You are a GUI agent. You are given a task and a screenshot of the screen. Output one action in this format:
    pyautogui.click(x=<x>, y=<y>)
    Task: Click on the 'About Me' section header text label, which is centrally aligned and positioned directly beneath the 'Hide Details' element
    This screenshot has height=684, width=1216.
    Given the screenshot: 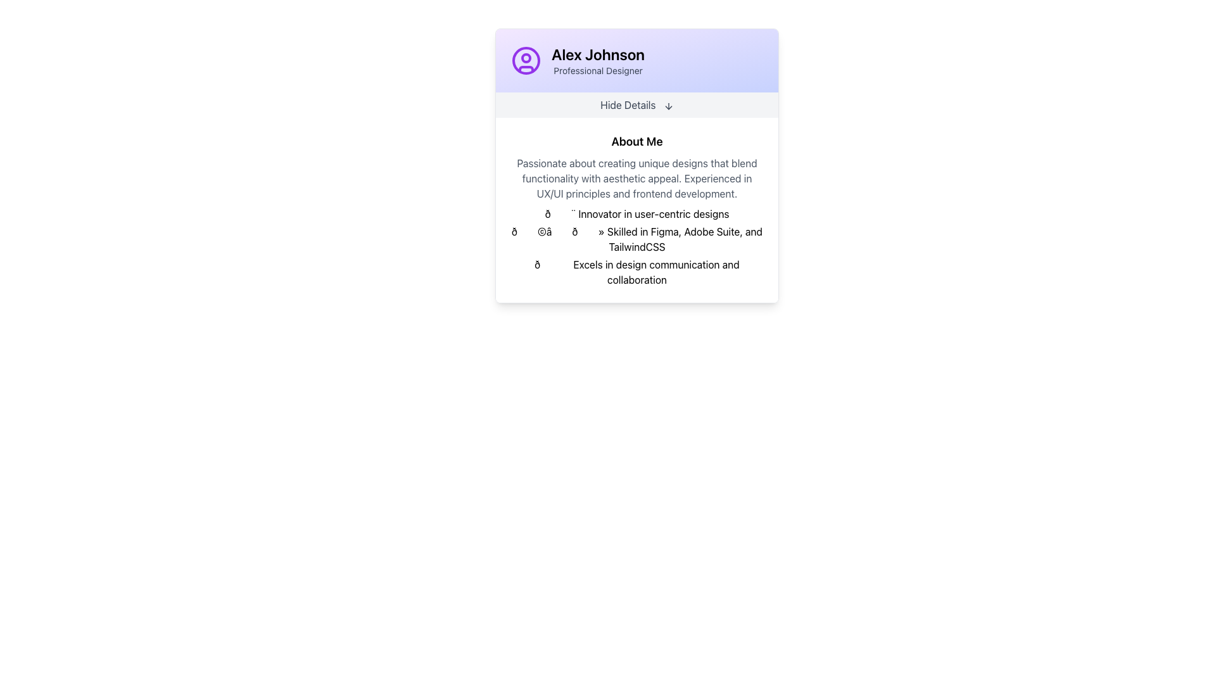 What is the action you would take?
    pyautogui.click(x=637, y=141)
    